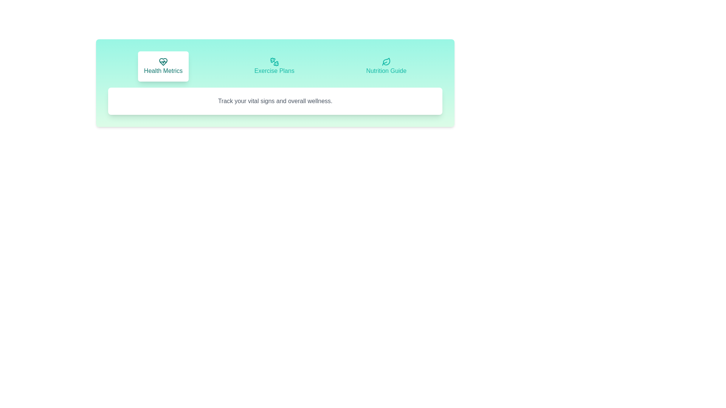  I want to click on the tab labeled Nutrition Guide, so click(386, 66).